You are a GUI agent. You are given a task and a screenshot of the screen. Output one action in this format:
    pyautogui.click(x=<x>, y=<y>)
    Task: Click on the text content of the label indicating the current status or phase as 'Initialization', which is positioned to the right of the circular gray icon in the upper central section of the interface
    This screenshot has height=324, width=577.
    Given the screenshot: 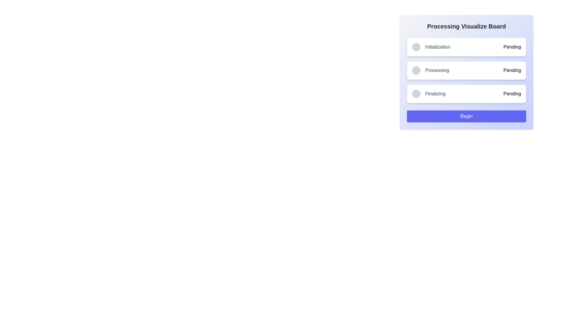 What is the action you would take?
    pyautogui.click(x=438, y=47)
    